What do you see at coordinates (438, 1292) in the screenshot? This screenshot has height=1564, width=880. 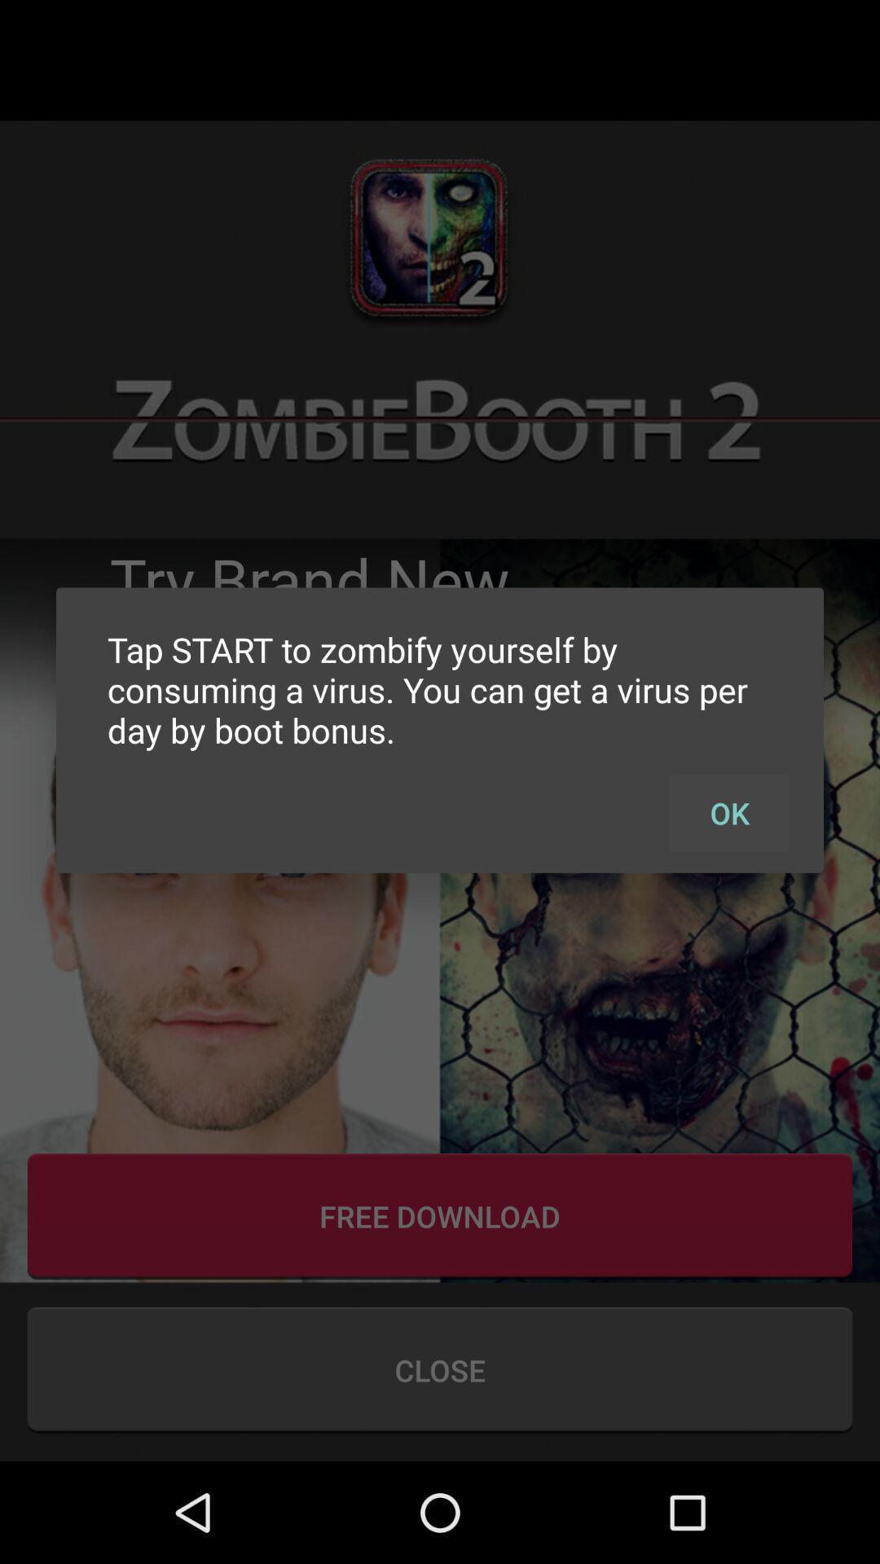 I see `the more icon` at bounding box center [438, 1292].